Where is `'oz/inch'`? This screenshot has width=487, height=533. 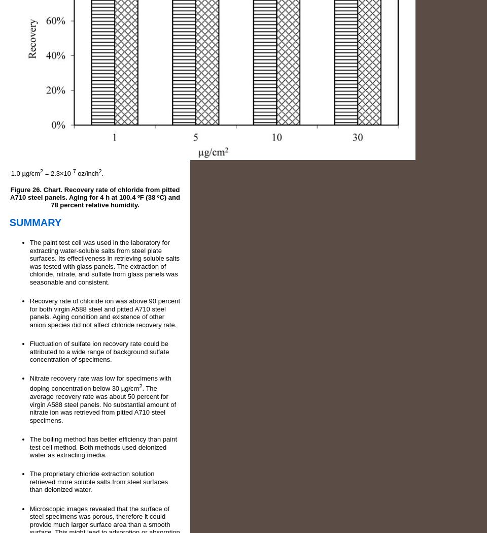
'oz/inch' is located at coordinates (86, 173).